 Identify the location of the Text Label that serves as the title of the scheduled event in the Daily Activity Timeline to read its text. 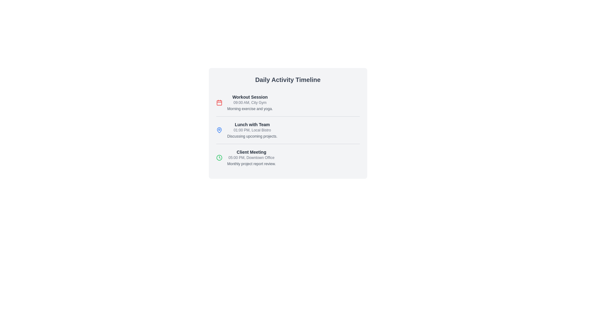
(251, 152).